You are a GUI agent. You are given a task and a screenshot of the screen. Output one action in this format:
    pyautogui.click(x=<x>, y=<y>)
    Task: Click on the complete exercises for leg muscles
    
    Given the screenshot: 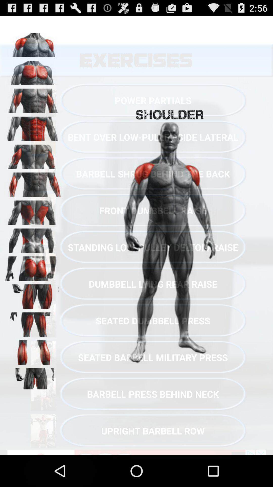 What is the action you would take?
    pyautogui.click(x=33, y=323)
    